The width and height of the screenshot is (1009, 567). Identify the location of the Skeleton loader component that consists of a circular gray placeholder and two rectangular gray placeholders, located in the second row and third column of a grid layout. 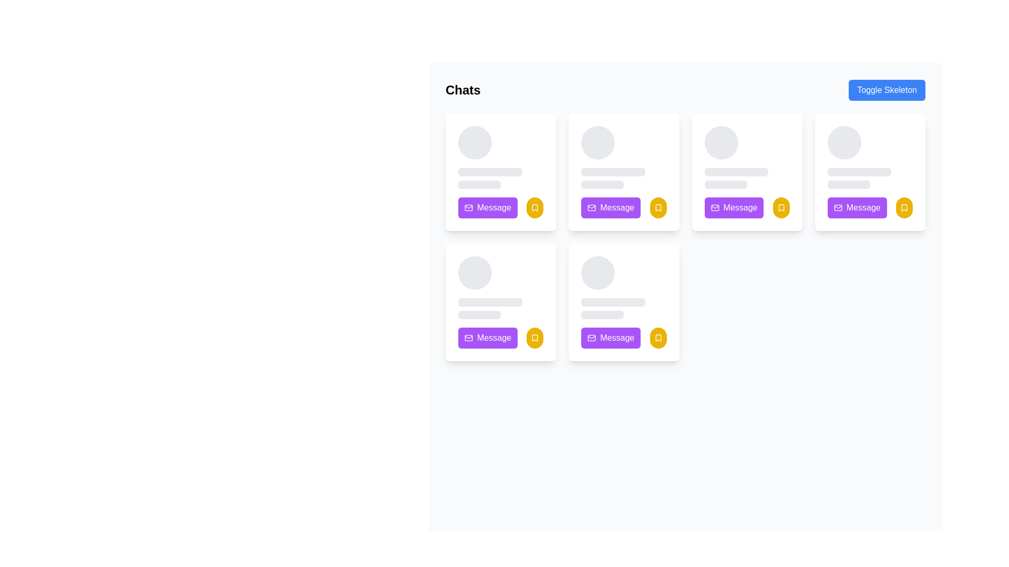
(624, 287).